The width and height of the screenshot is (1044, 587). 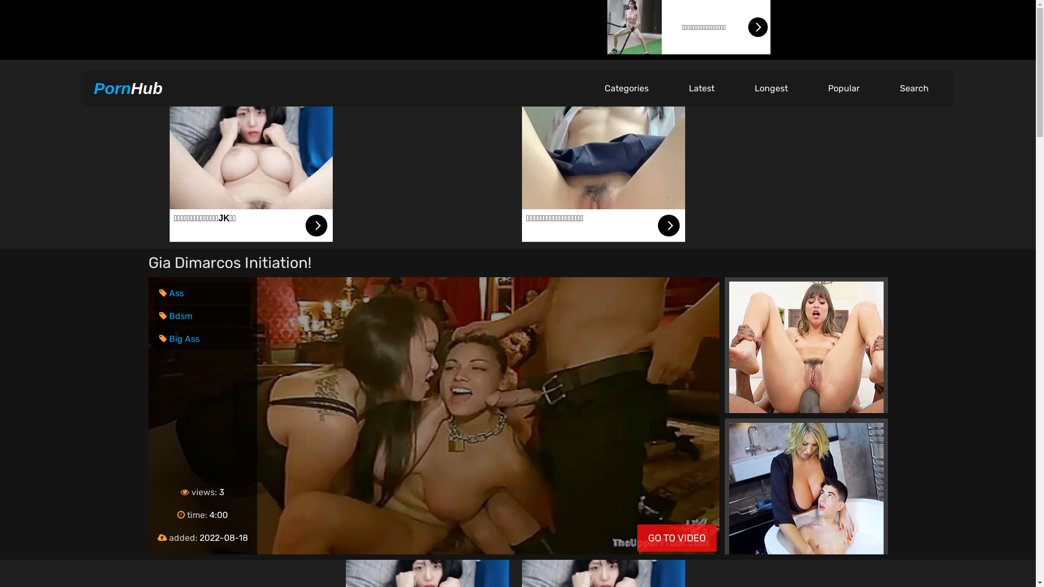 I want to click on 'Categories', so click(x=626, y=88).